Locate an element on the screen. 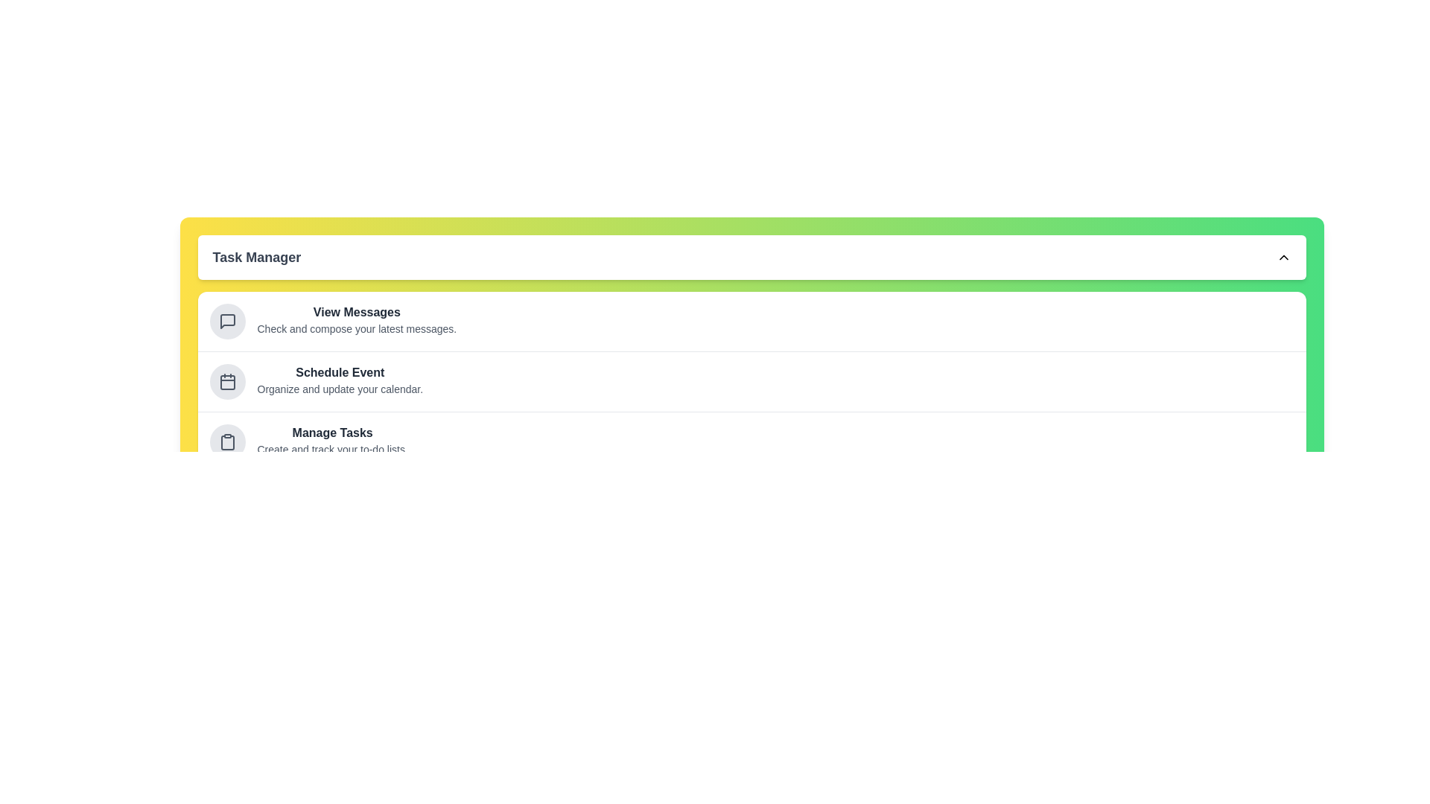 The height and width of the screenshot is (804, 1430). the toggle button to open or close the menu is located at coordinates (751, 257).